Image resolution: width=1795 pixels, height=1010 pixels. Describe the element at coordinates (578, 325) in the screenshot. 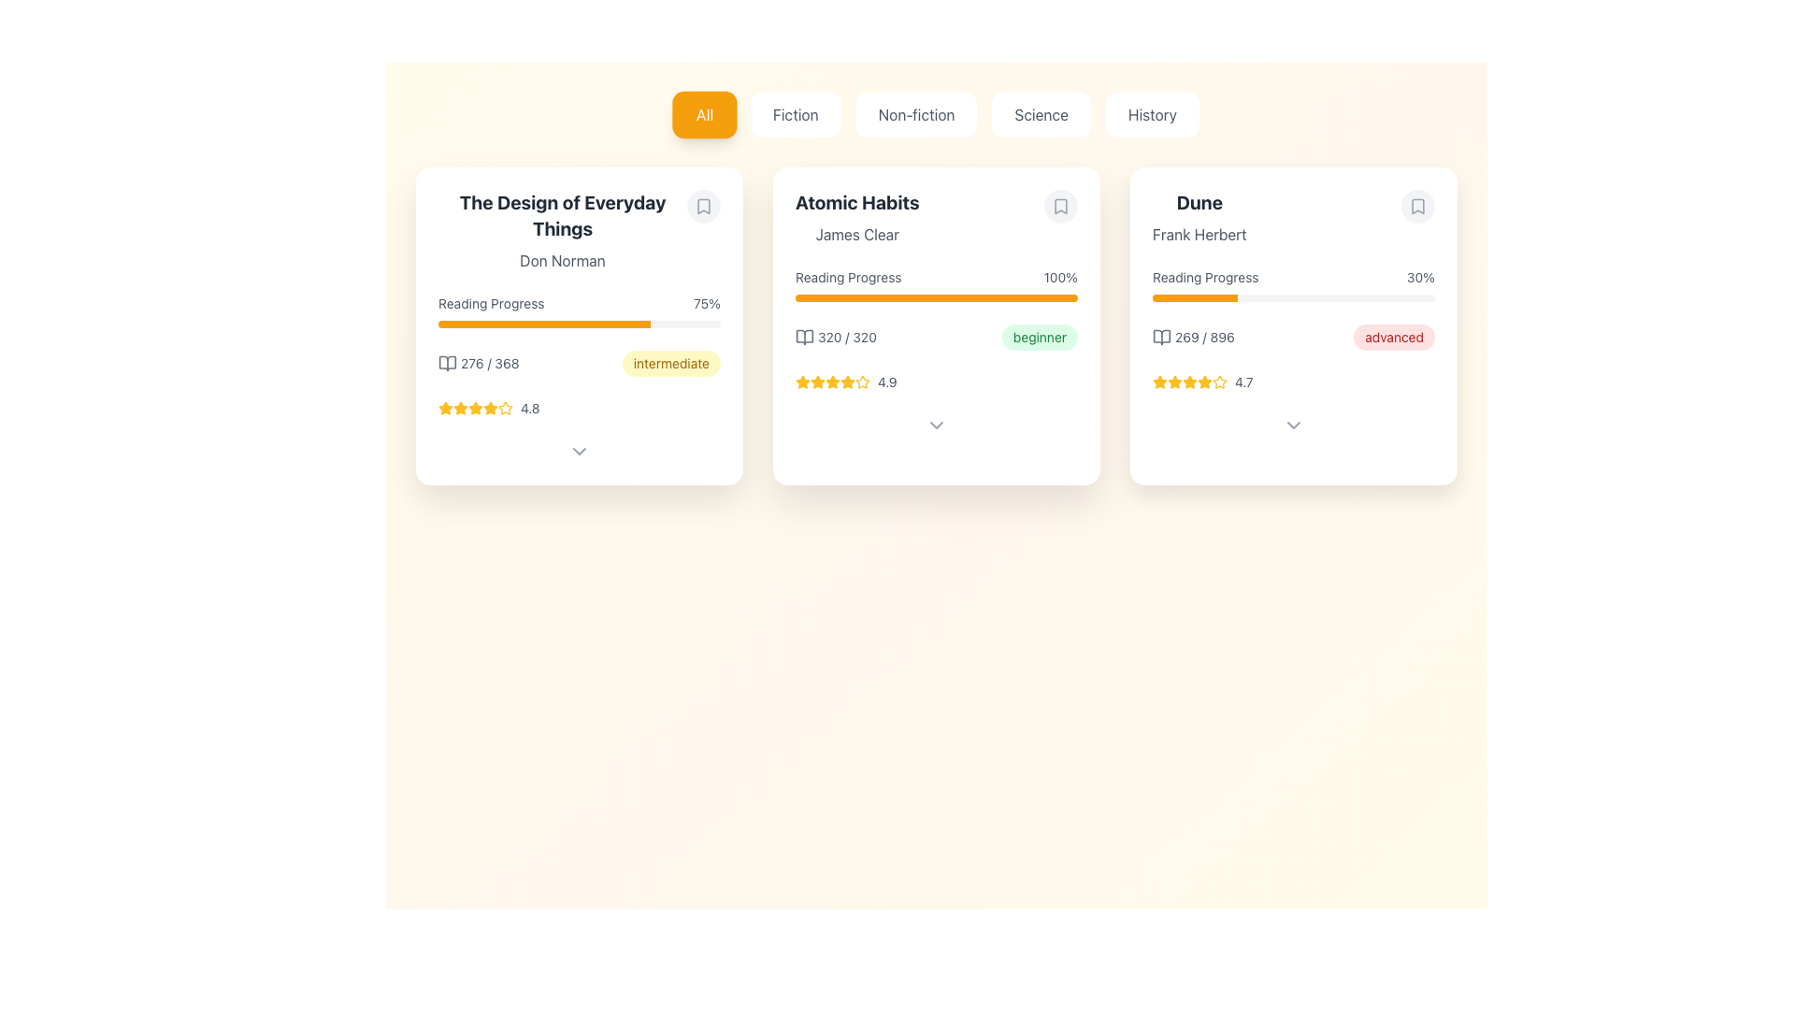

I see `the progress bar on the information card for the book 'The Design of Everyday Things' by Don Norman, which is located at the top-left corner of the grid layout` at that location.